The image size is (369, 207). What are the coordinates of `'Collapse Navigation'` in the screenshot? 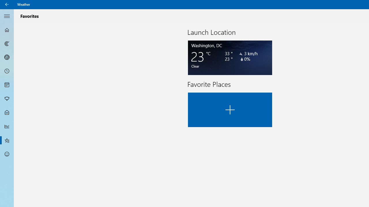 It's located at (7, 16).